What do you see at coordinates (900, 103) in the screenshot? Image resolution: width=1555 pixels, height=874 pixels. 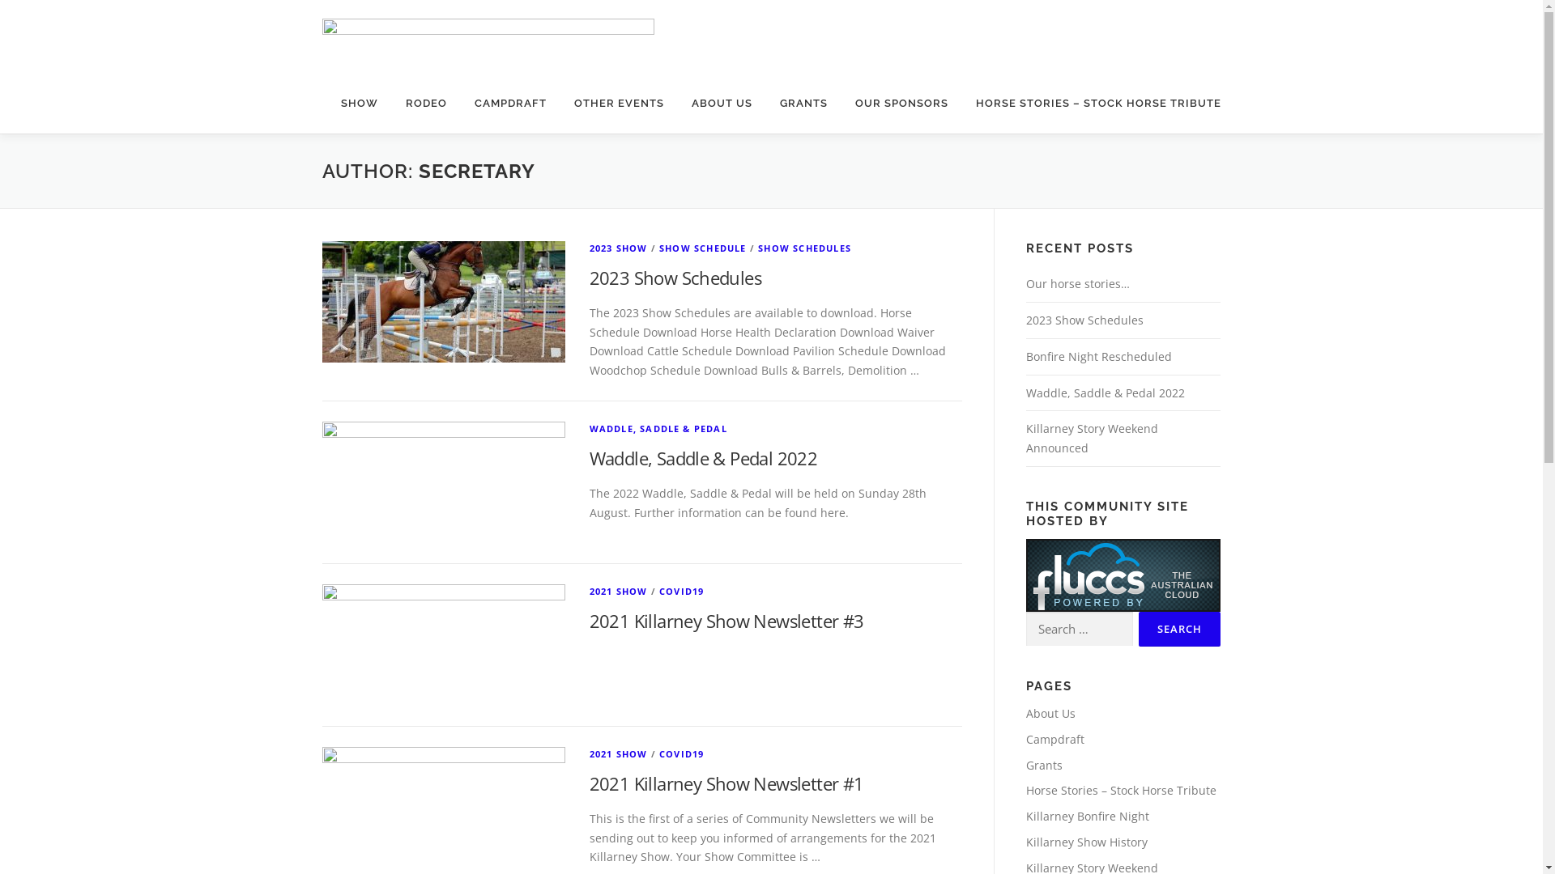 I see `'OUR SPONSORS'` at bounding box center [900, 103].